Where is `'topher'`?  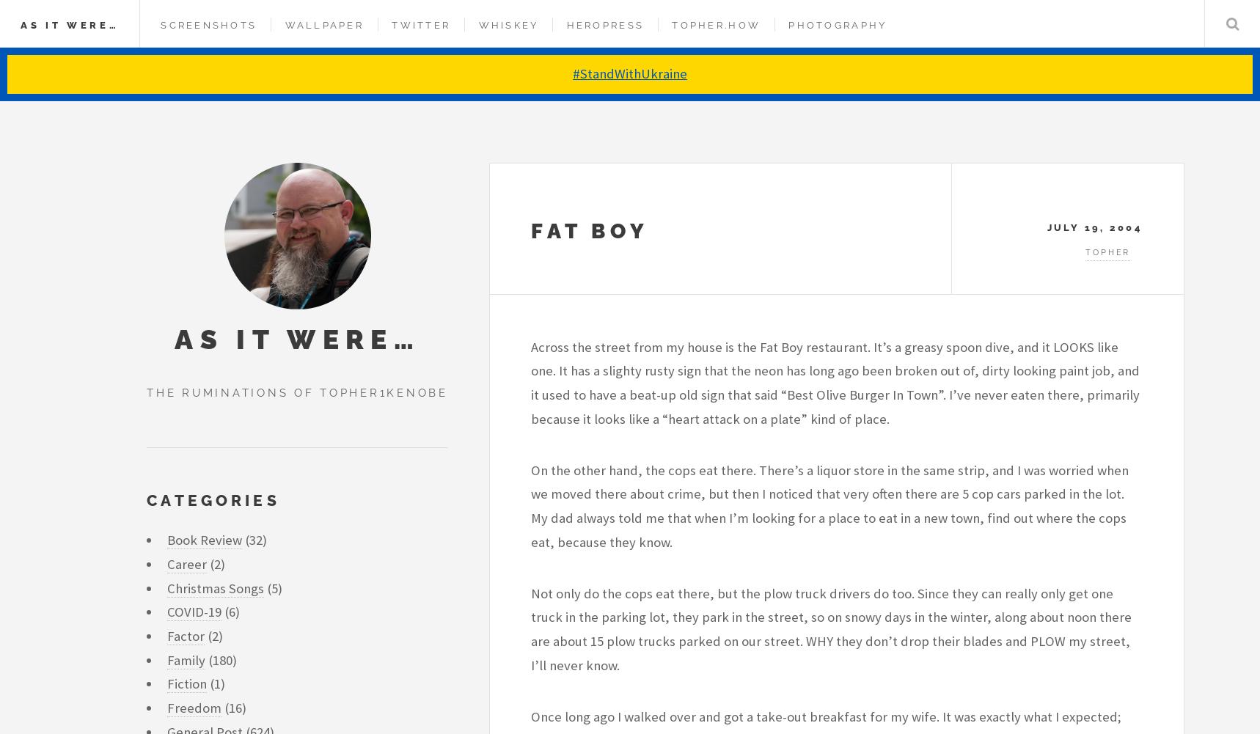 'topher' is located at coordinates (1085, 252).